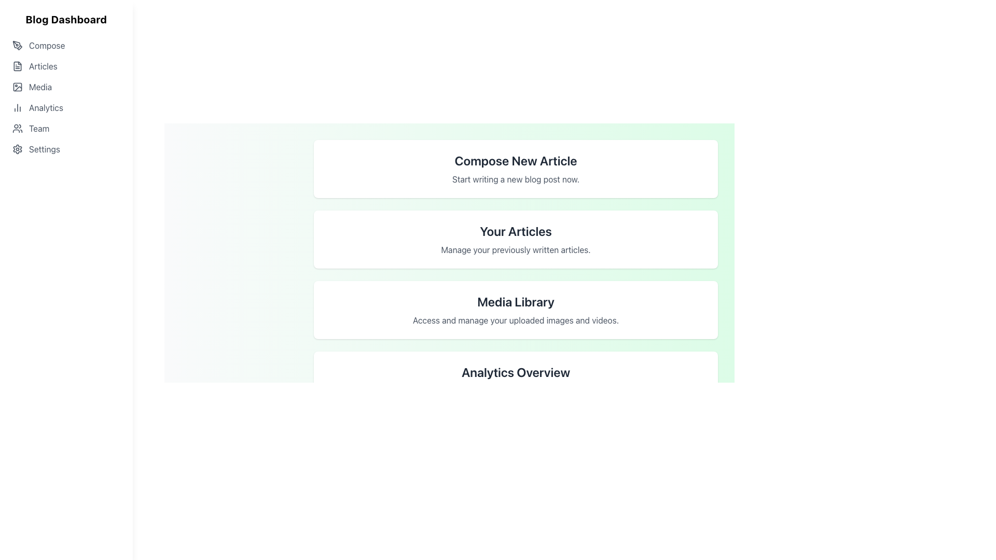  I want to click on the bold text label that reads 'Blog Dashboard', which is prominently positioned at the top-left corner of the page within a vertical menu, so click(66, 20).